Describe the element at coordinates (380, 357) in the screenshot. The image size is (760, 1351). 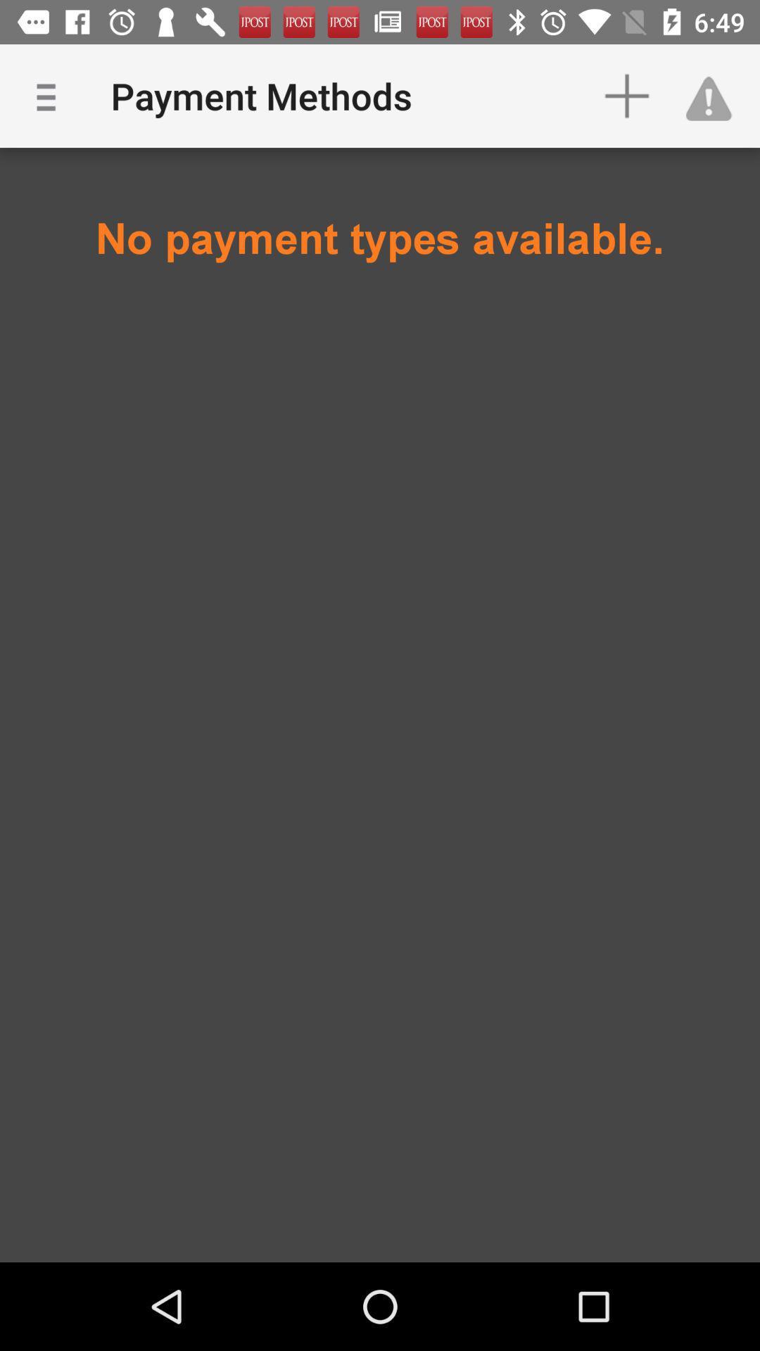
I see `the item below the no payment types item` at that location.